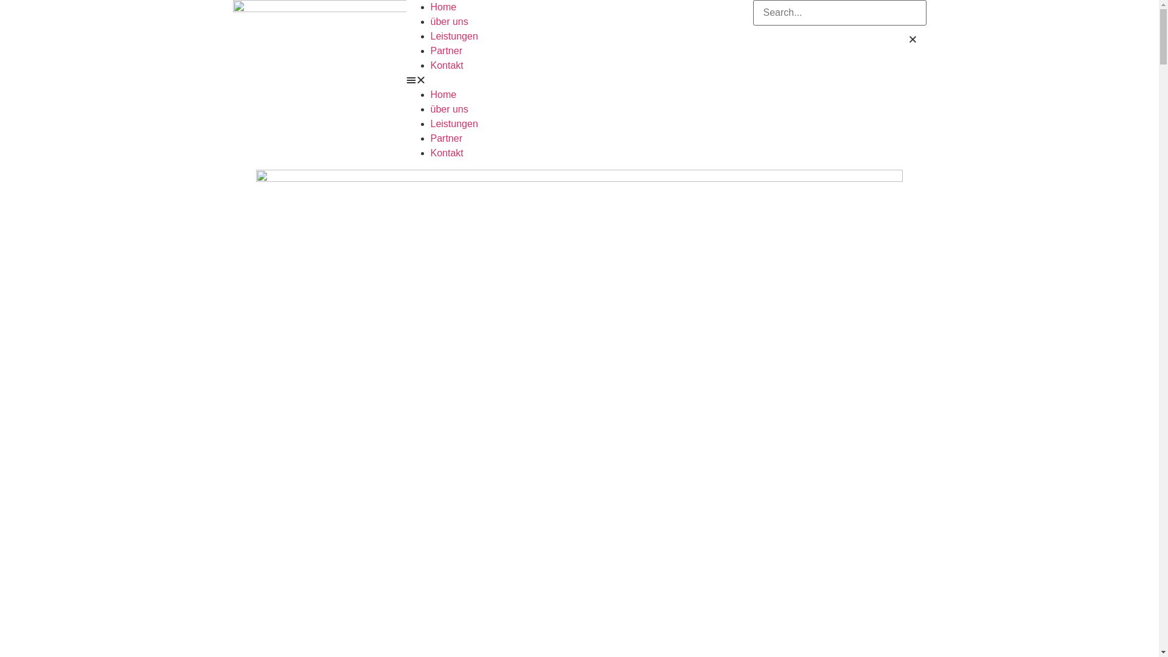 This screenshot has width=1168, height=657. I want to click on 'Leistungen', so click(454, 35).